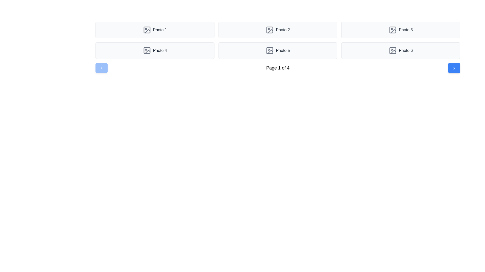 This screenshot has height=272, width=485. What do you see at coordinates (277, 68) in the screenshot?
I see `text label indicating the current page number and total number of pages, which is centered between the navigational buttons` at bounding box center [277, 68].